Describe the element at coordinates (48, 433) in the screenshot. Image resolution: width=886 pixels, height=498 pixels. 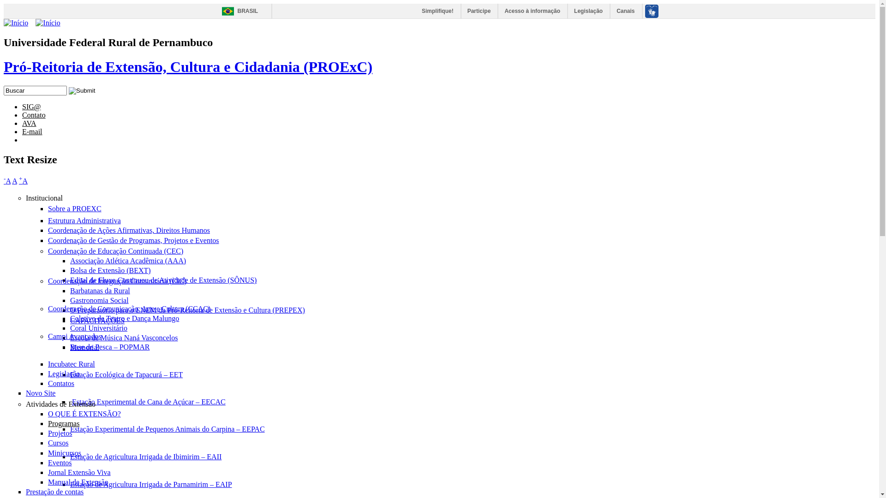
I see `'Projetos'` at that location.